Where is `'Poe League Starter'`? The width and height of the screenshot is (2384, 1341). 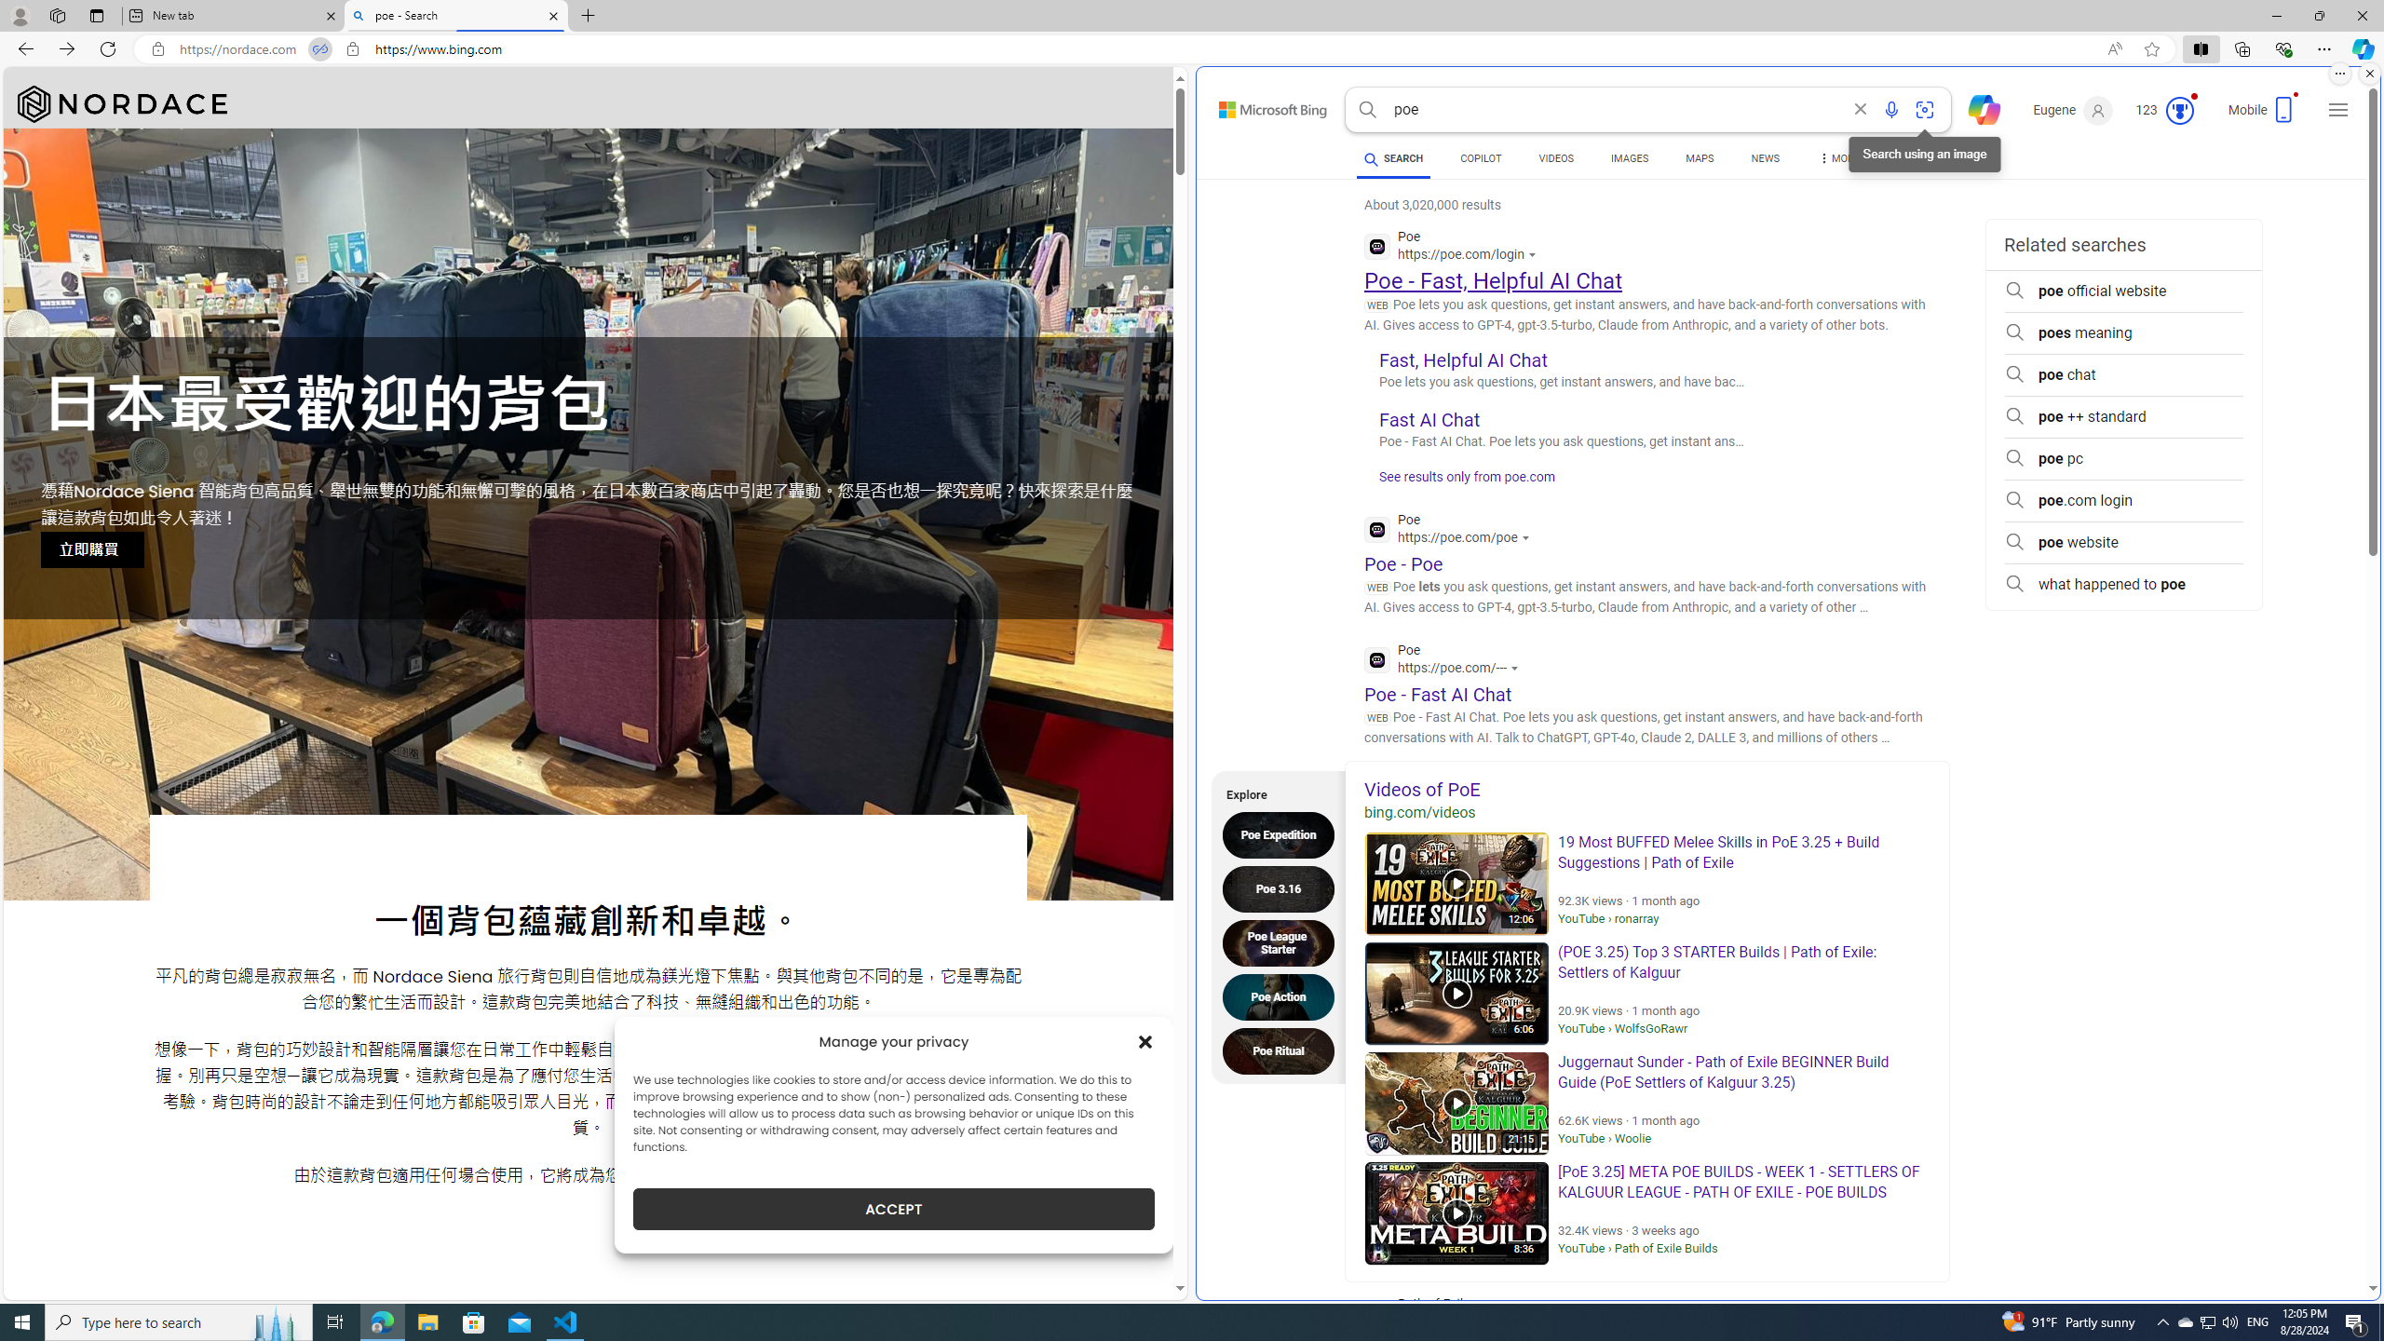
'Poe League Starter' is located at coordinates (1282, 941).